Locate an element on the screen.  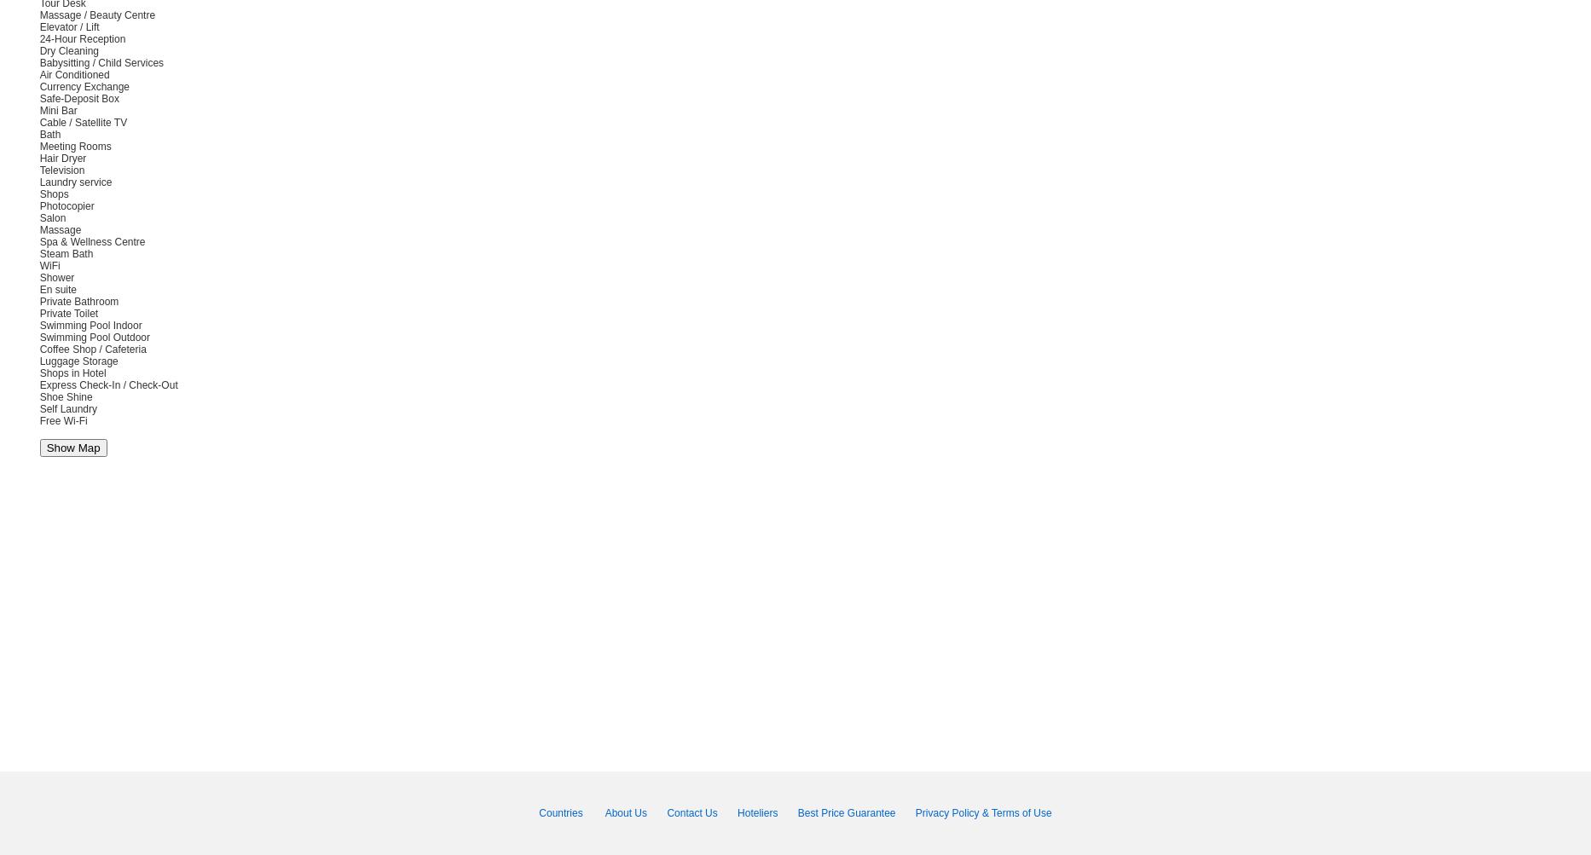
'En suite' is located at coordinates (57, 289).